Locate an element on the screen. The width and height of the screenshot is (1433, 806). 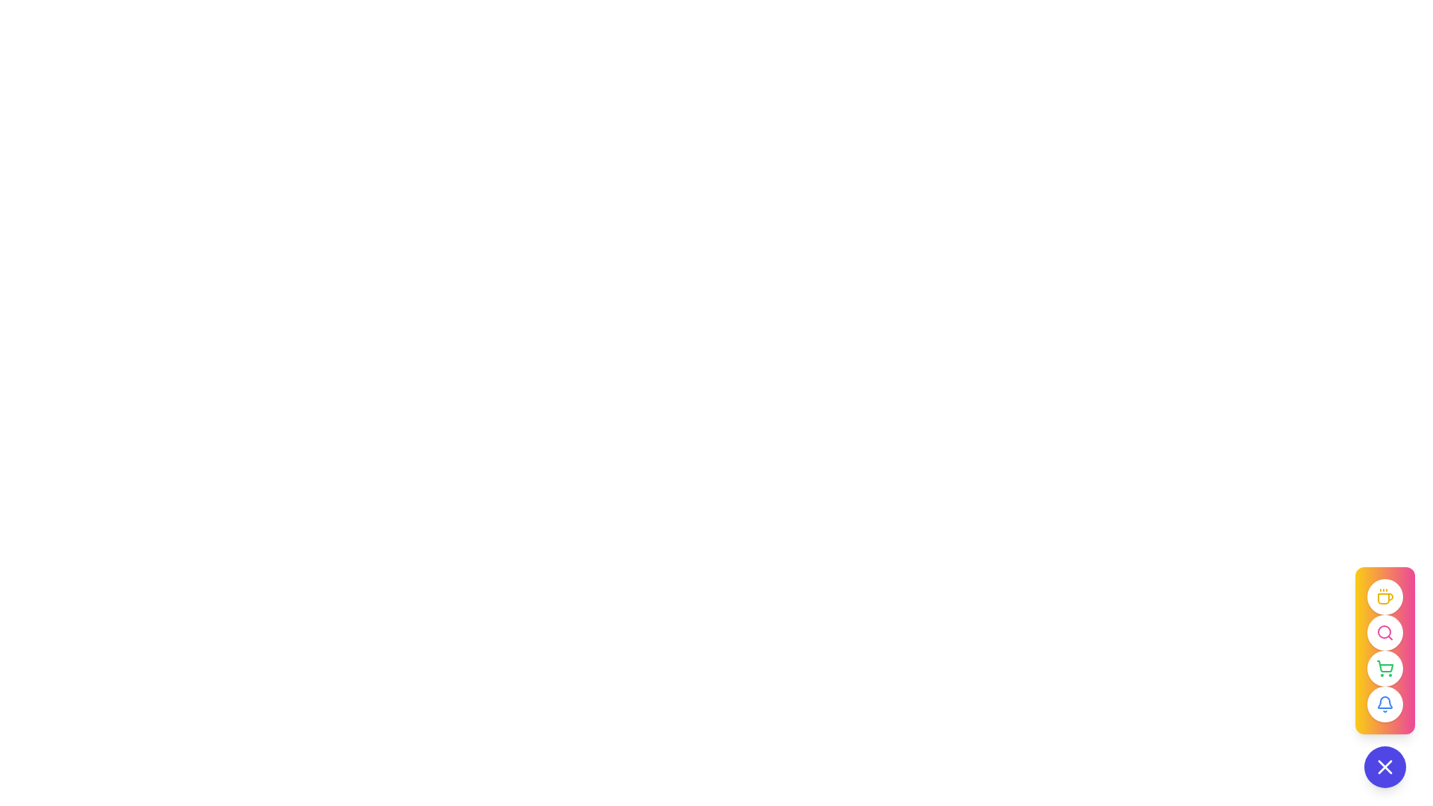
the circular notification button with a blue bell icon on a white background located at the right side of the application interface is located at coordinates (1384, 705).